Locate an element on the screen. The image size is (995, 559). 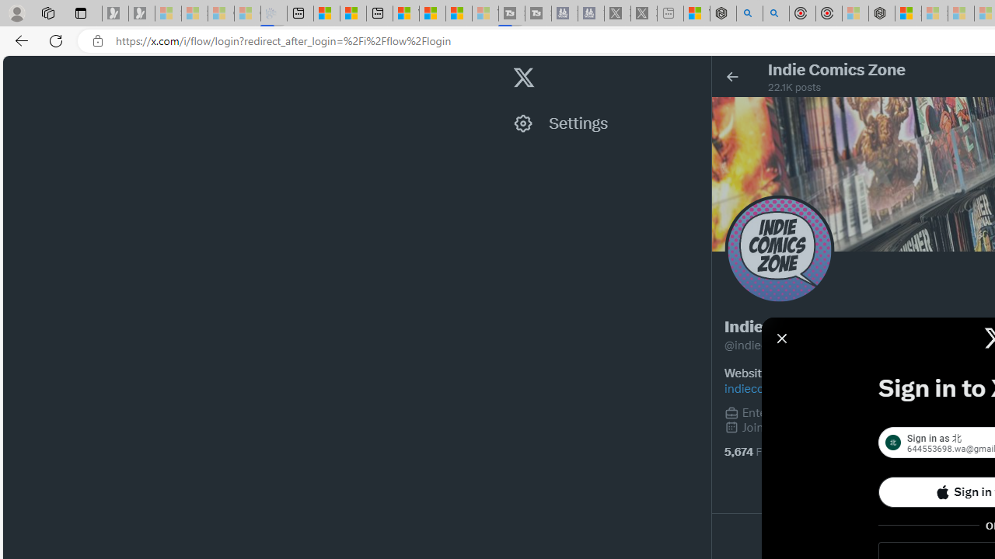
'New tab - Sleeping' is located at coordinates (670, 13).